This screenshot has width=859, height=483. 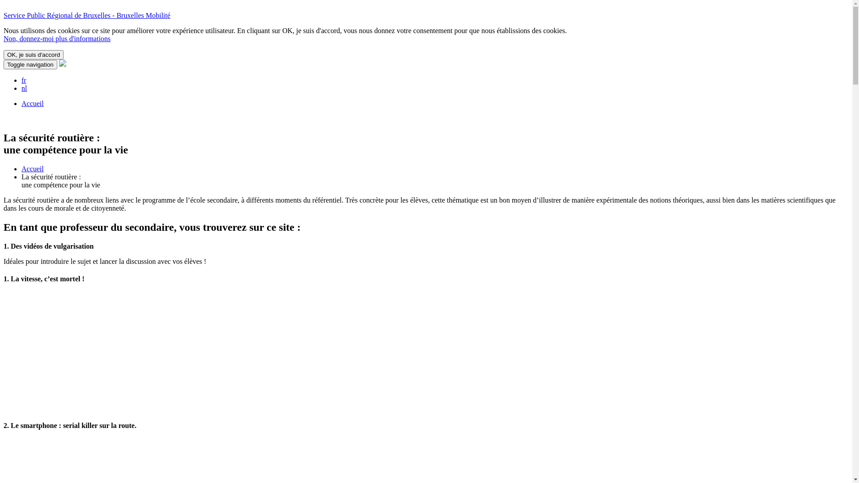 What do you see at coordinates (108, 351) in the screenshot?
I see `'YouTube video player'` at bounding box center [108, 351].